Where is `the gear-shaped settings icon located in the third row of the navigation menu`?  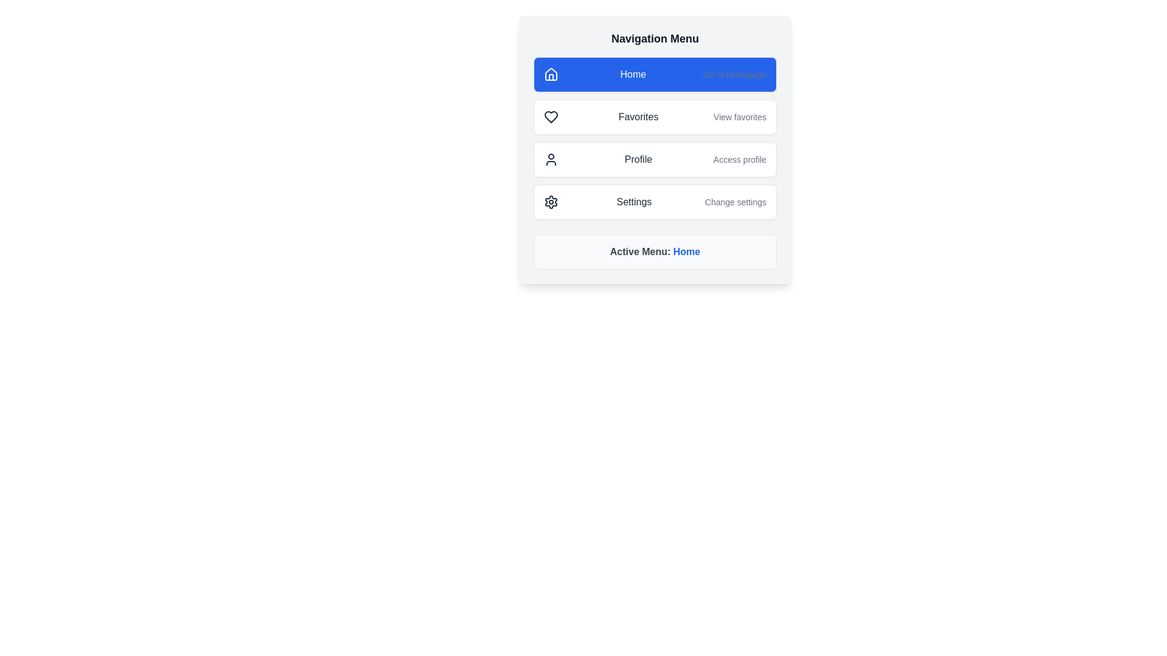
the gear-shaped settings icon located in the third row of the navigation menu is located at coordinates (551, 201).